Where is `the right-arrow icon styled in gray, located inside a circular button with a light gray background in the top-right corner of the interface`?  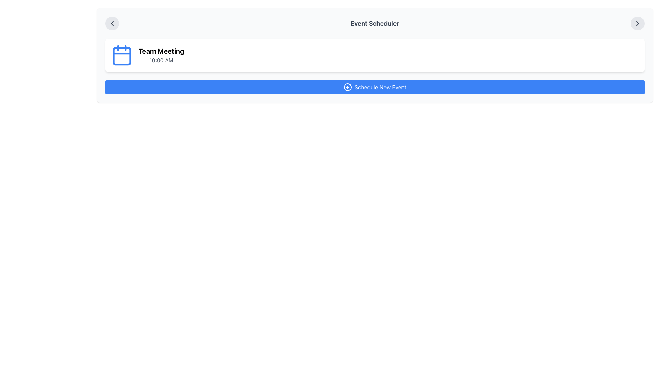
the right-arrow icon styled in gray, located inside a circular button with a light gray background in the top-right corner of the interface is located at coordinates (637, 23).